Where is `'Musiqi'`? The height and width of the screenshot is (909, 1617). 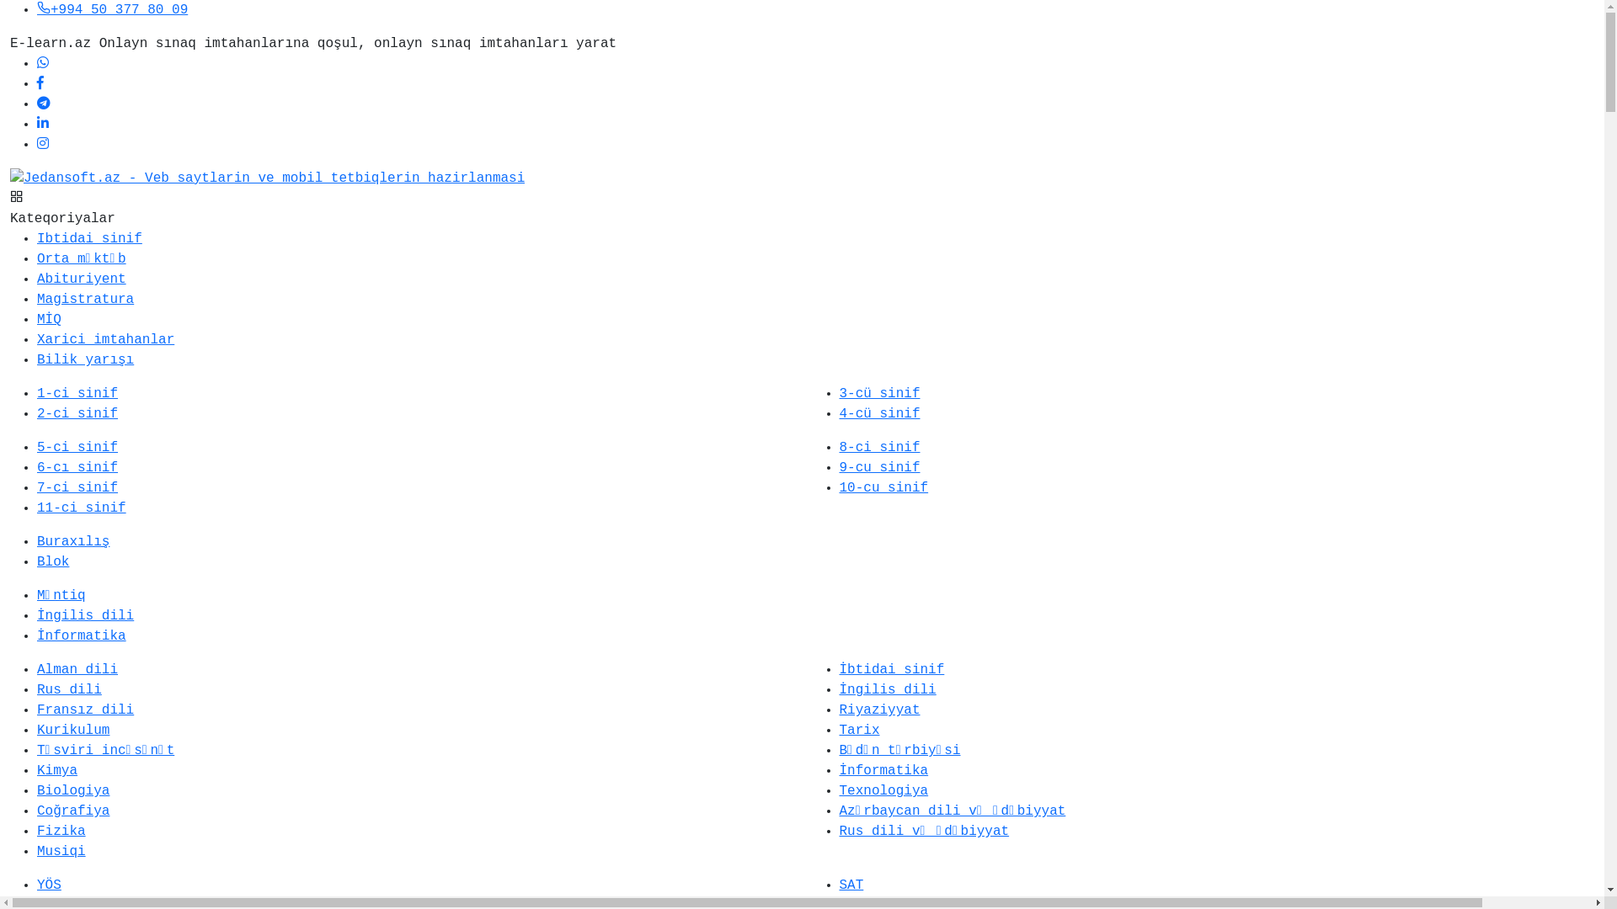 'Musiqi' is located at coordinates (36, 851).